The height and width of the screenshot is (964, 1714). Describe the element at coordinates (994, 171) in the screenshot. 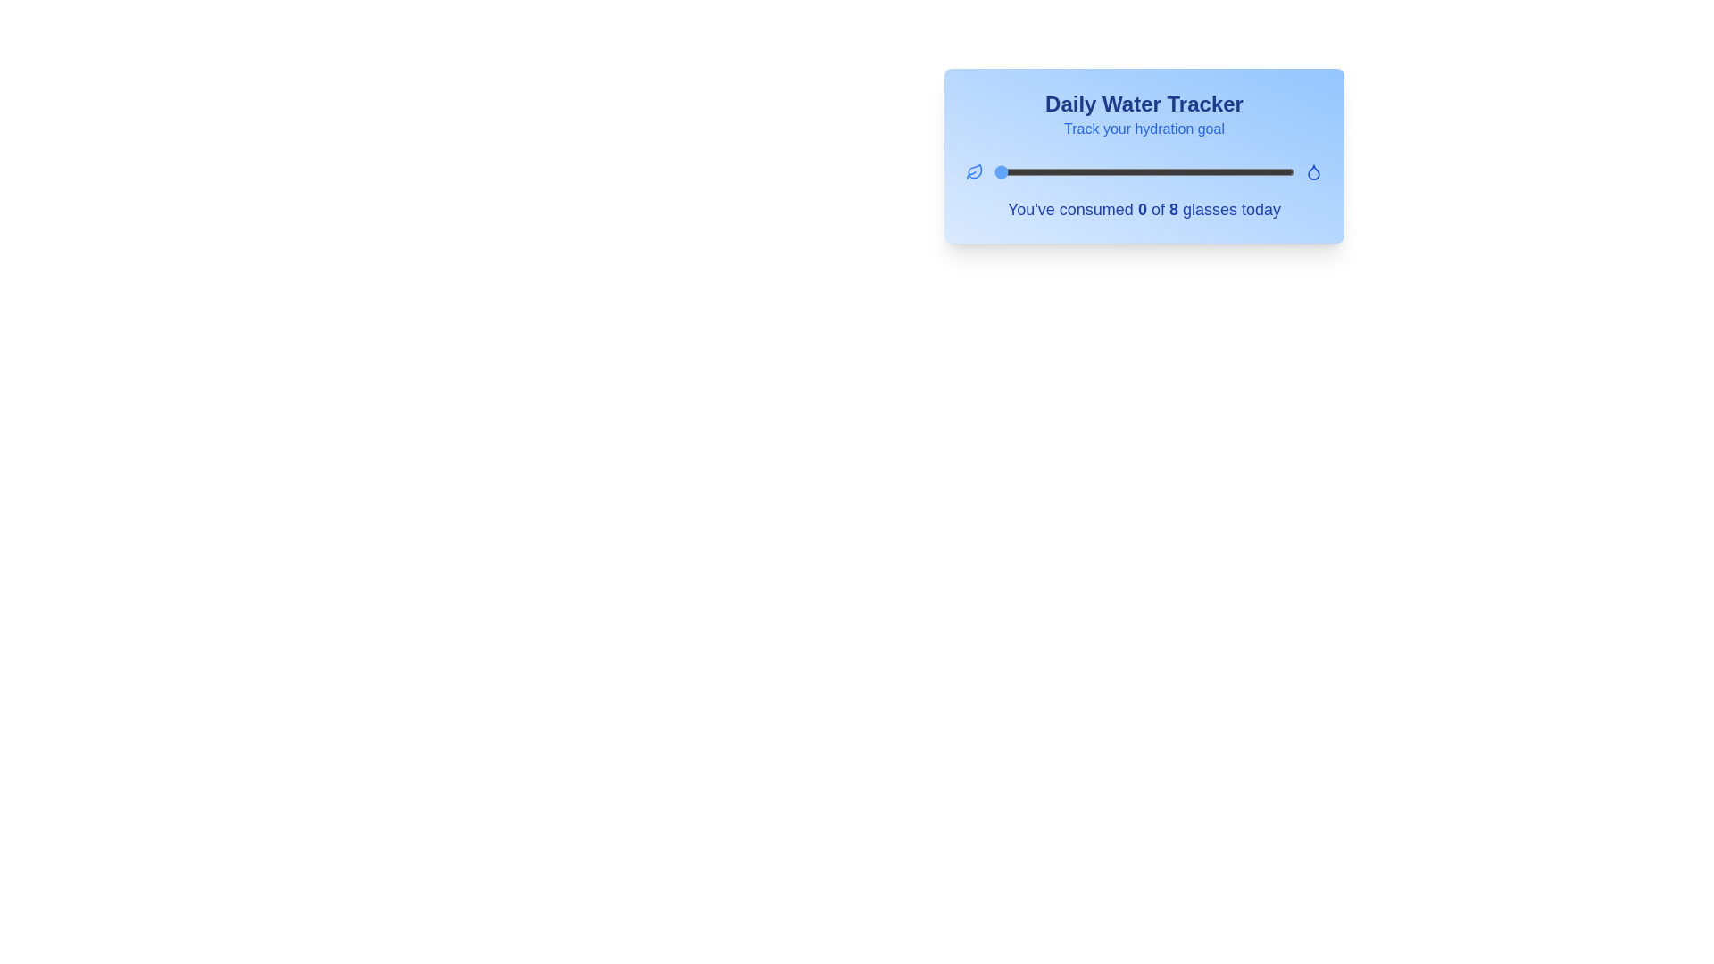

I see `the water intake slider to set the water consumption to 0 glasses` at that location.